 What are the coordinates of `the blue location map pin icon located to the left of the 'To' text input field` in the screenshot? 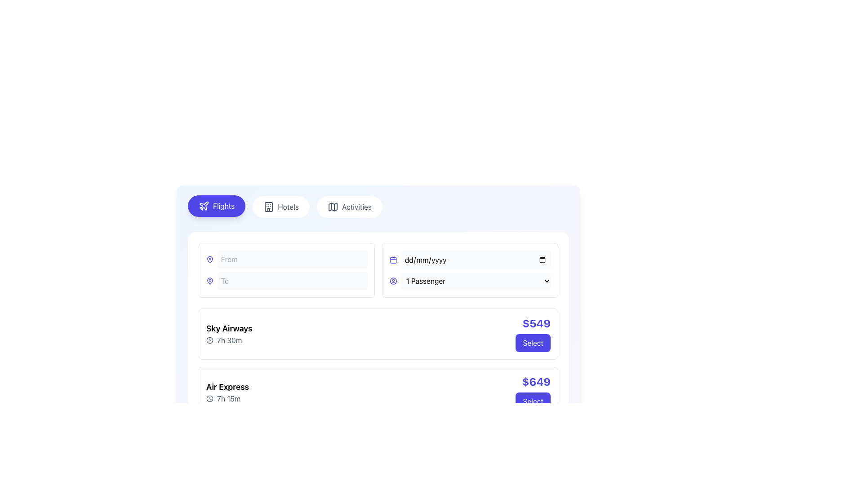 It's located at (209, 260).